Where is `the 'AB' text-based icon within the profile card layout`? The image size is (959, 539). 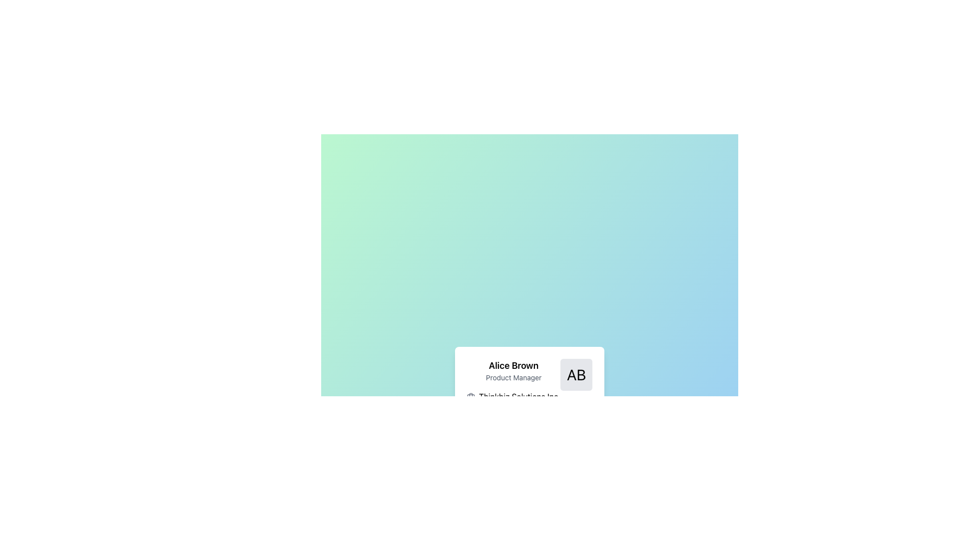
the 'AB' text-based icon within the profile card layout is located at coordinates (576, 388).